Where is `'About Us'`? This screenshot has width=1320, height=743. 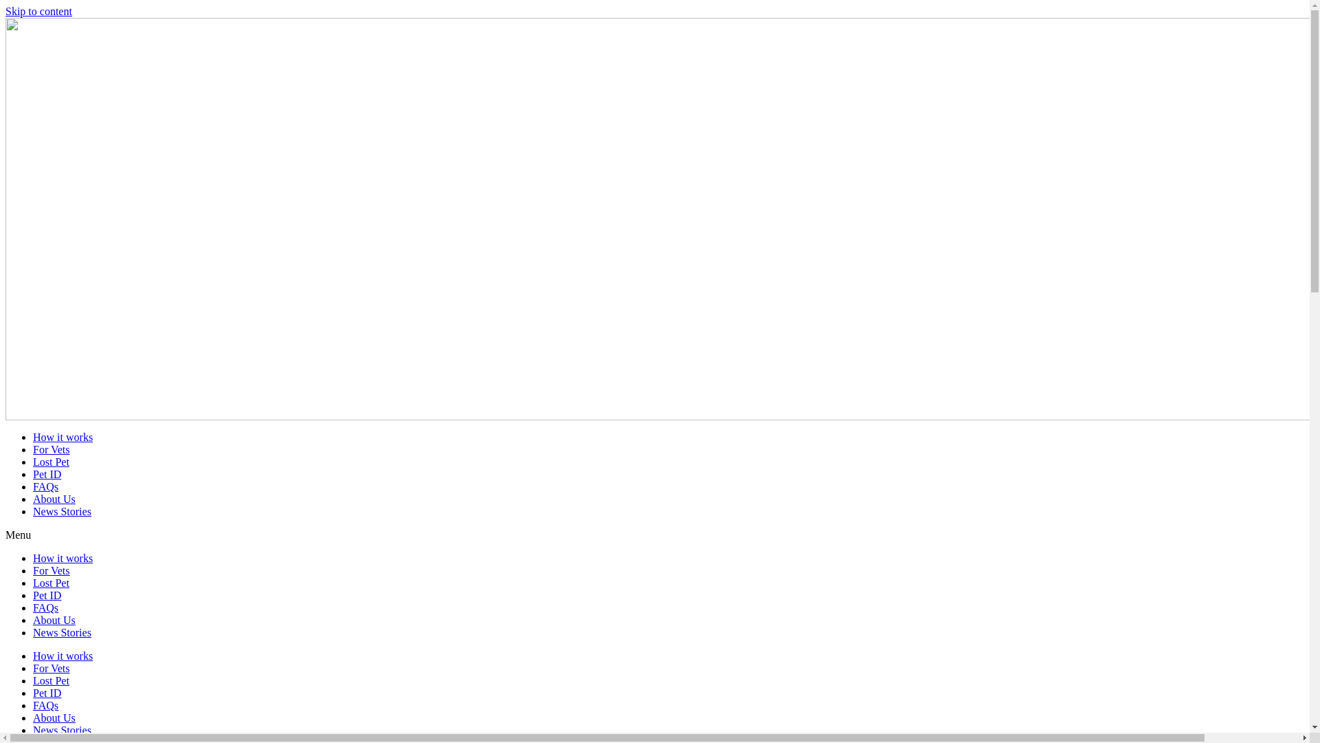
'About Us' is located at coordinates (33, 620).